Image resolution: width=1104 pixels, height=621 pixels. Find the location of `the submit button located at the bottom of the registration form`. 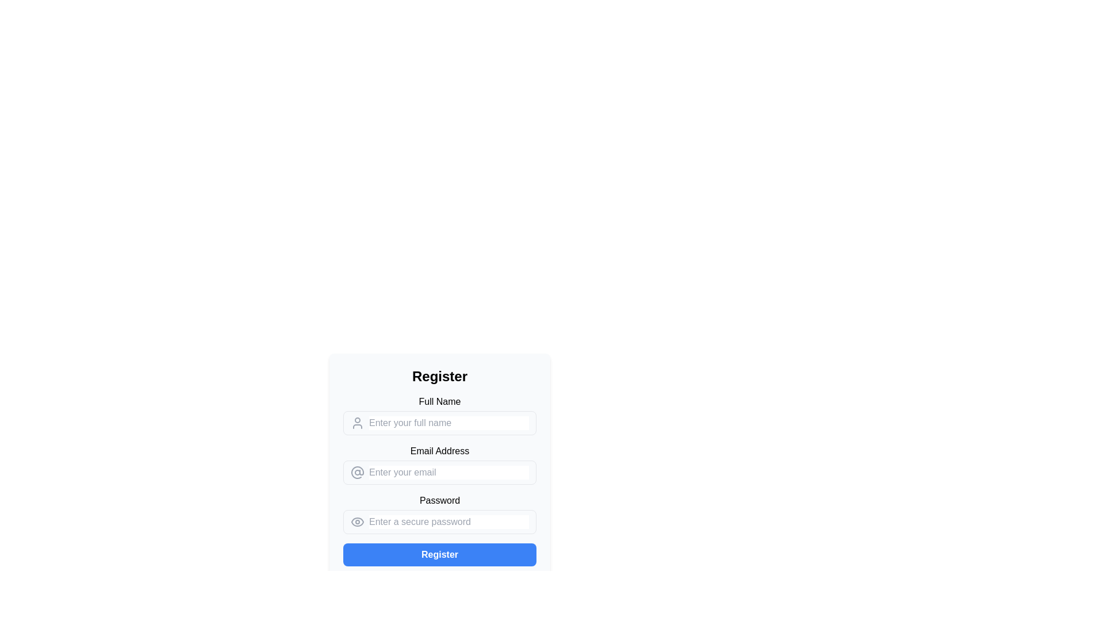

the submit button located at the bottom of the registration form is located at coordinates (439, 554).